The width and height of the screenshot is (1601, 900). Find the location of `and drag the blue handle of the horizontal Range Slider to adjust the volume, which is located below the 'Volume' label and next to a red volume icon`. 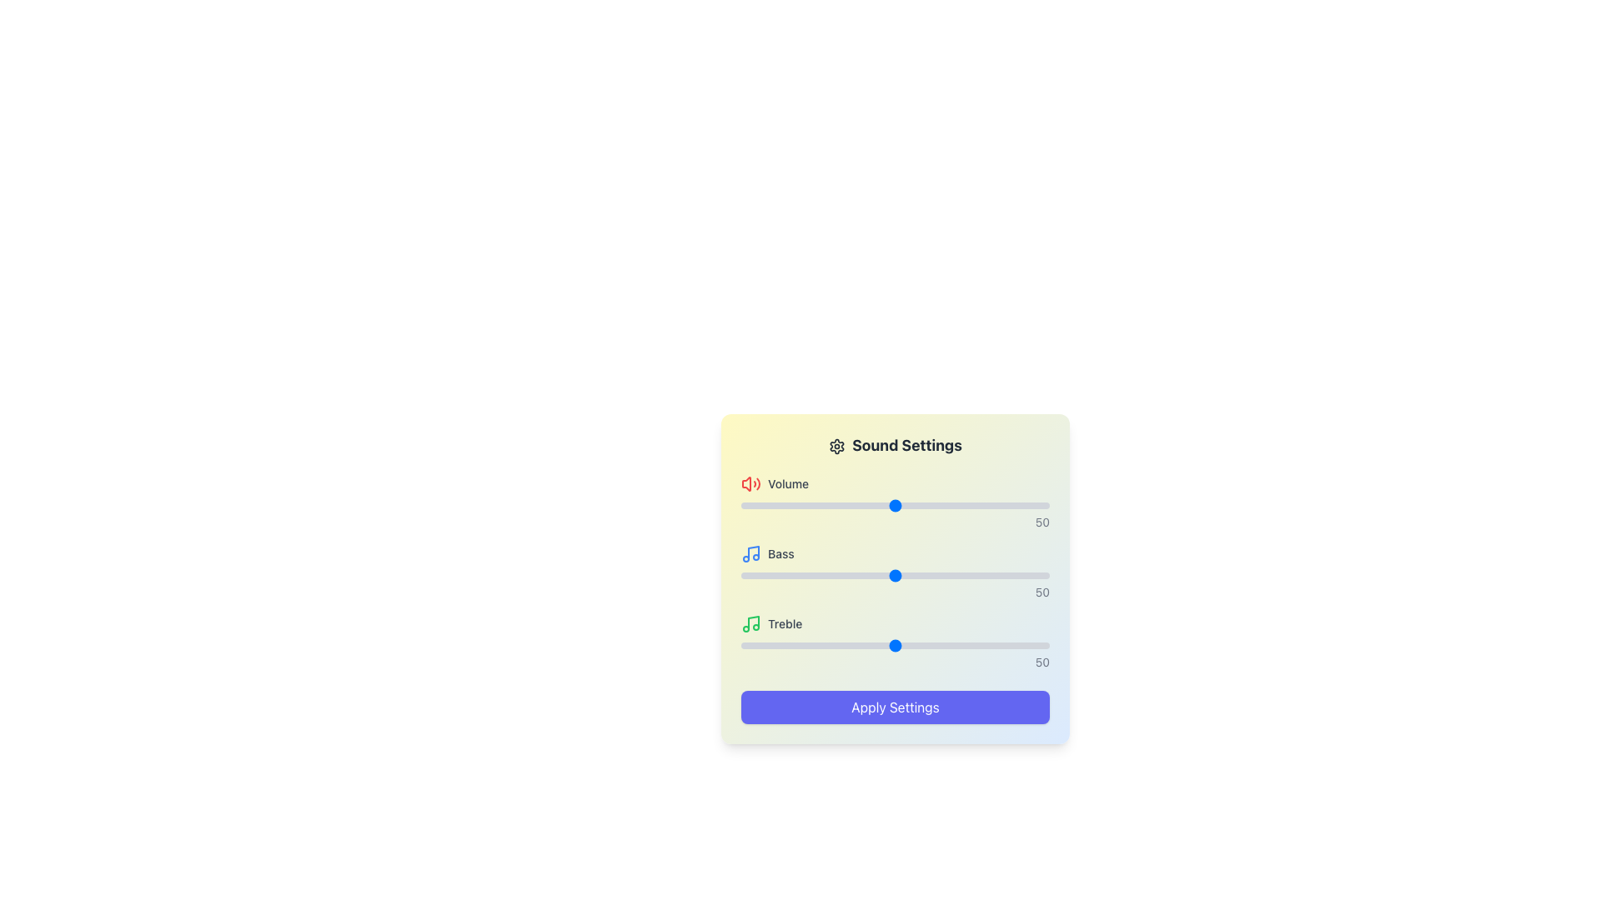

and drag the blue handle of the horizontal Range Slider to adjust the volume, which is located below the 'Volume' label and next to a red volume icon is located at coordinates (895, 504).